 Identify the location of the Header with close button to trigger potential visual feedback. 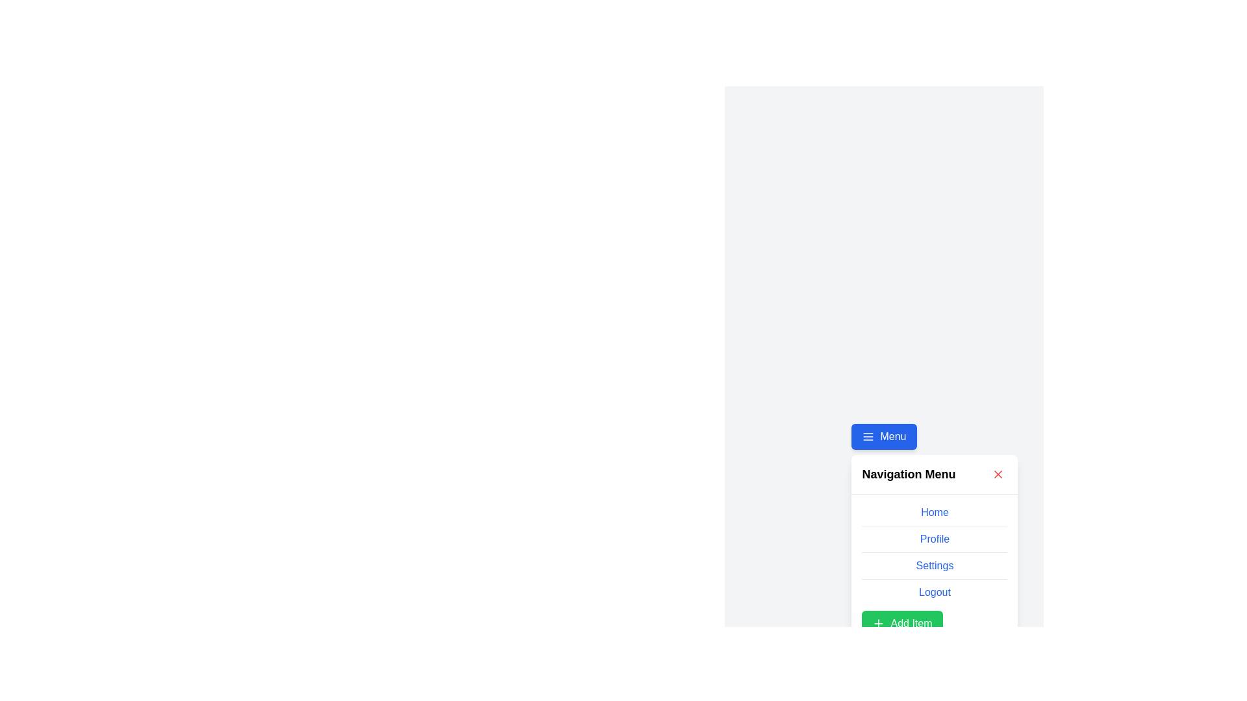
(934, 474).